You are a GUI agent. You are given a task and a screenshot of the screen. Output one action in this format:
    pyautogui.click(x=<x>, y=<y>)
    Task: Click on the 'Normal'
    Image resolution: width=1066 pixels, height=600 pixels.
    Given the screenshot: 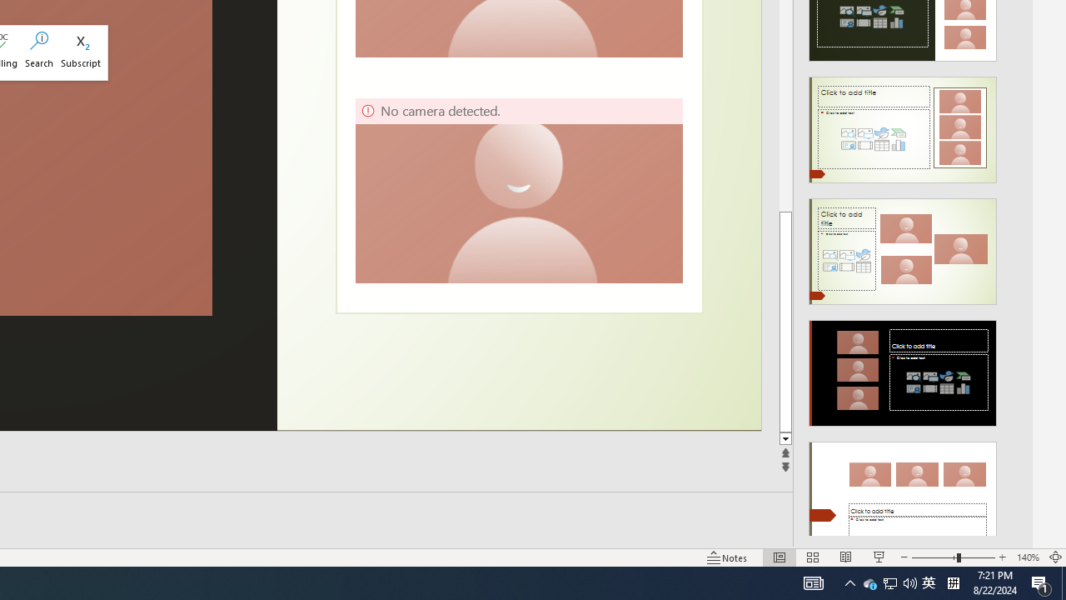 What is the action you would take?
    pyautogui.click(x=779, y=557)
    